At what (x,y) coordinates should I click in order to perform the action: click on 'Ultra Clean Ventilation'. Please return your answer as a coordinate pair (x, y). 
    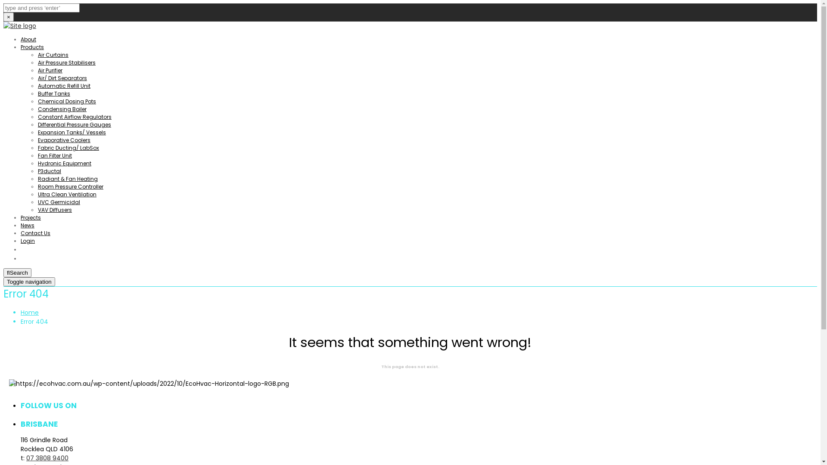
    Looking at the image, I should click on (37, 194).